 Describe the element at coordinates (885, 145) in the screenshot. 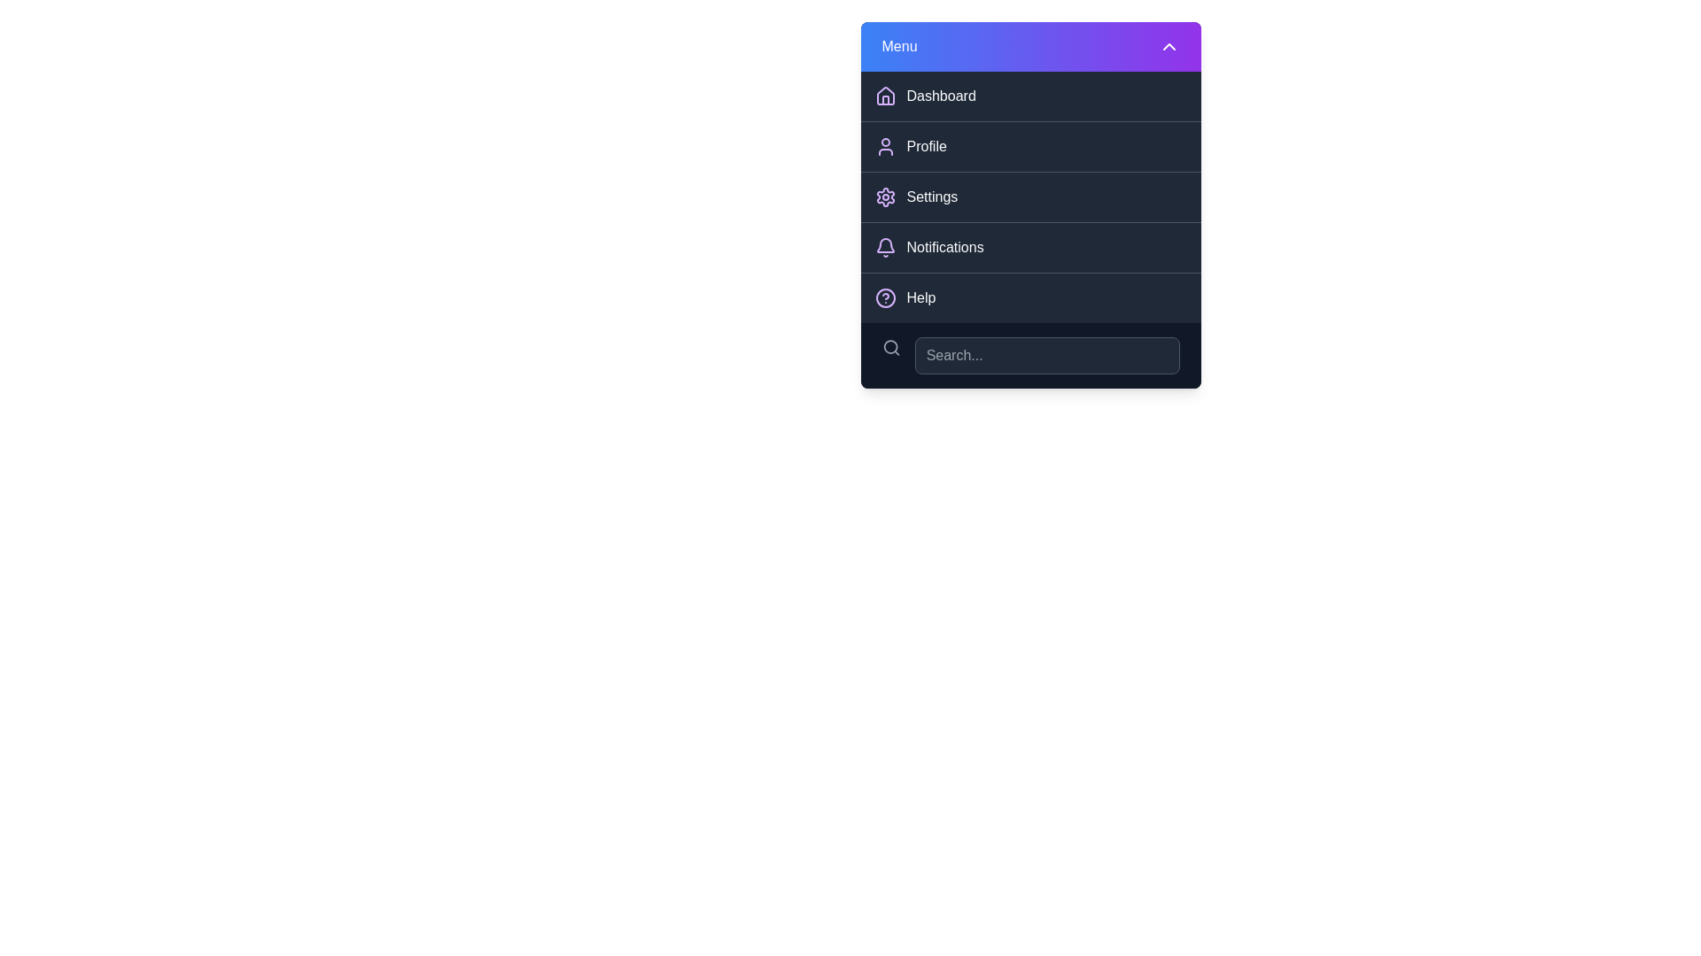

I see `the 'Profile' icon in the menu, which is located between 'Dashboard' and 'Settings', to provide a visual cue for the user` at that location.